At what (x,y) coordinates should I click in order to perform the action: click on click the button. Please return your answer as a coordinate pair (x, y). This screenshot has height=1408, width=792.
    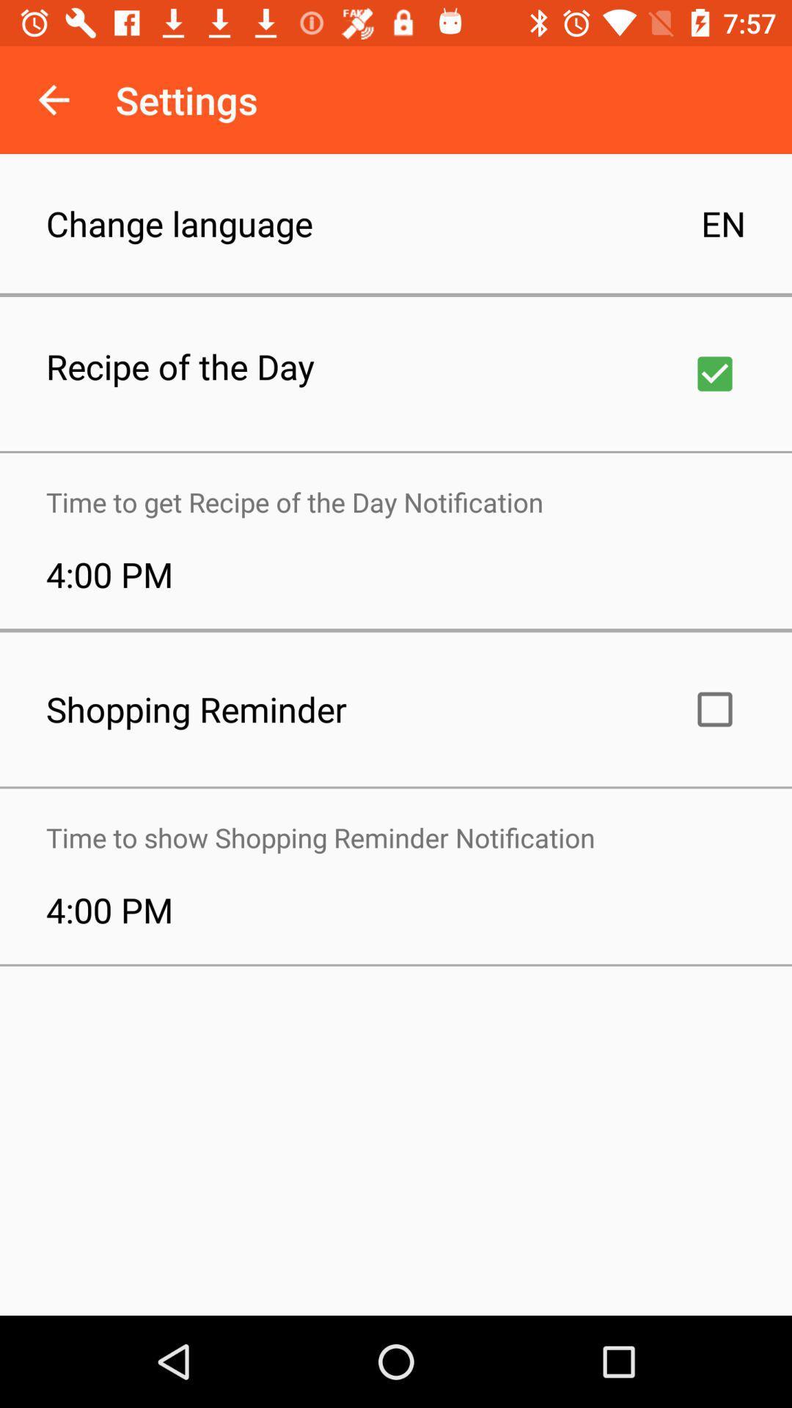
    Looking at the image, I should click on (714, 709).